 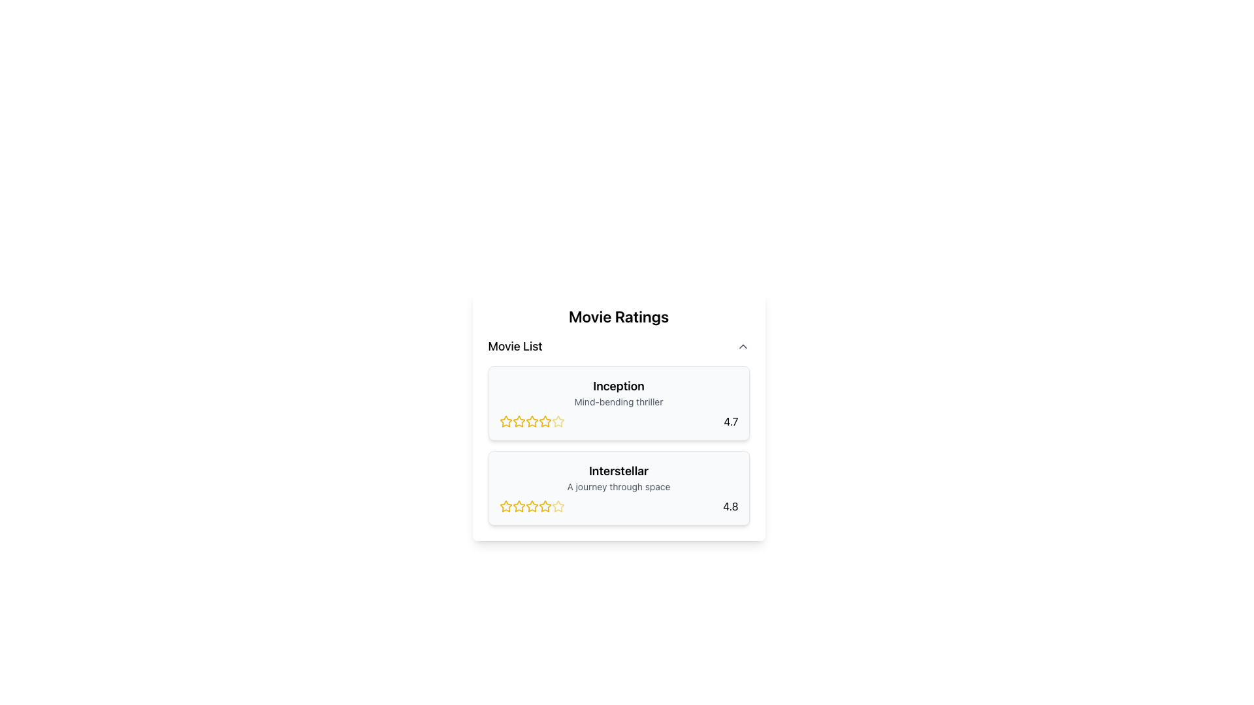 I want to click on the content of the 'Movie List' label located below the 'Movie Ratings' header, which displays the text in bold and includes a dropdown indicator, so click(x=618, y=346).